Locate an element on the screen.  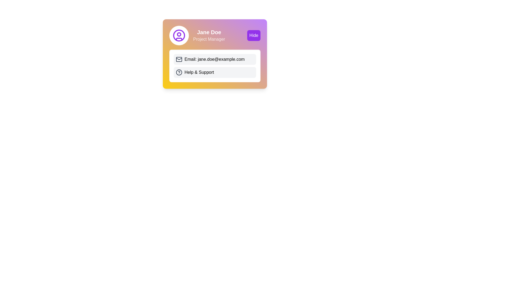
the circular gray icon with a question mark symbol located within the 'Help & Support' button, positioned to the left of the button's text label is located at coordinates (179, 72).